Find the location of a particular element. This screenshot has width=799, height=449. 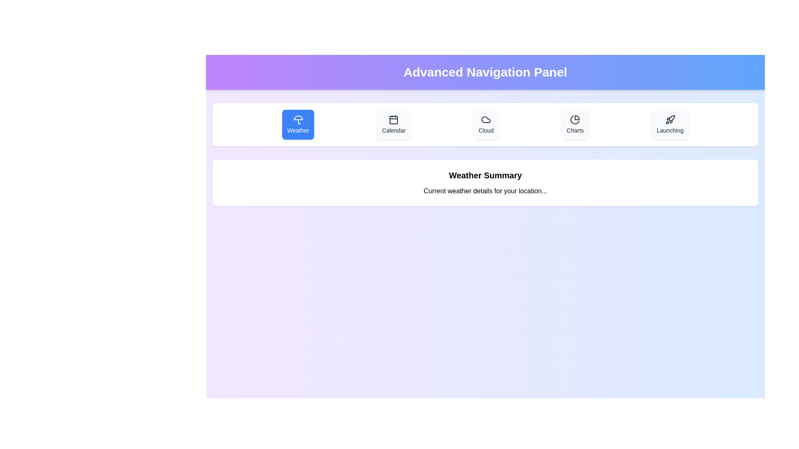

the 'Cloud' icon located in the main top navigation bar, which is the third icon from the left is located at coordinates (486, 120).